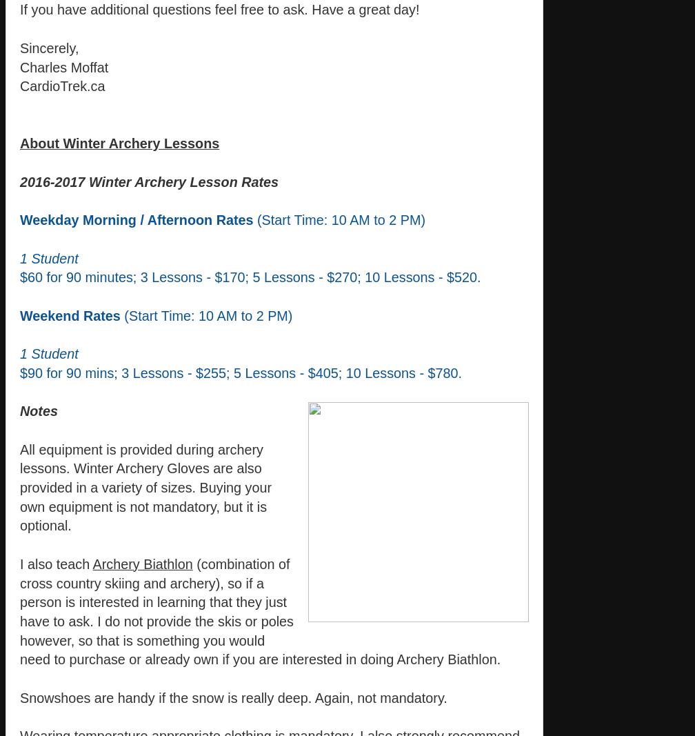 Image resolution: width=695 pixels, height=736 pixels. What do you see at coordinates (241, 372) in the screenshot?
I see `'$90 for 90 mins; 3 Lessons - $255; 5 Lessons - $405; 10 Lessons - $780.'` at bounding box center [241, 372].